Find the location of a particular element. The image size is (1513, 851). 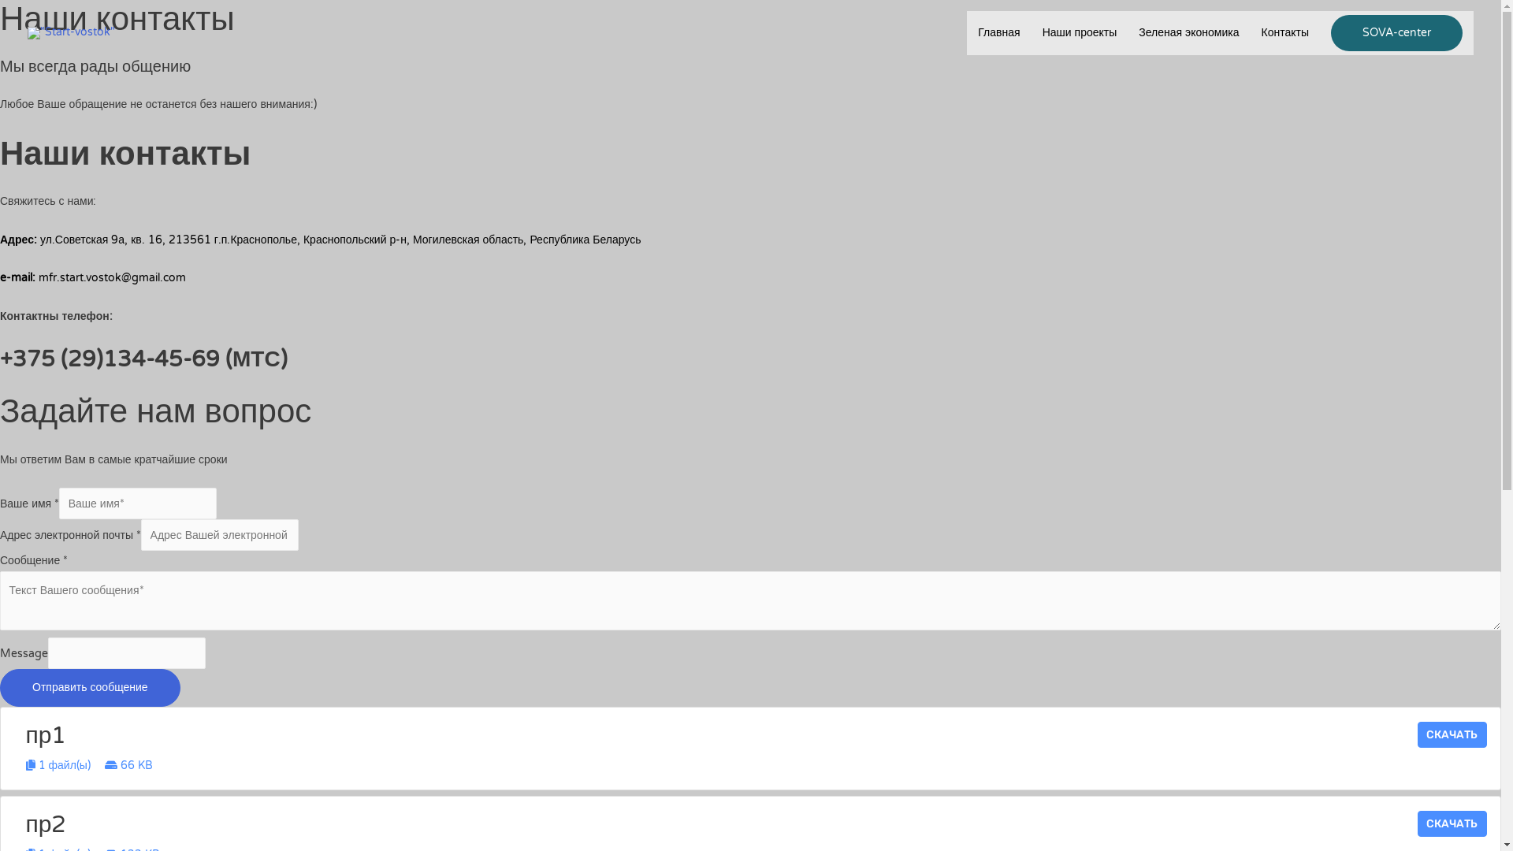

'SOVA-center' is located at coordinates (1396, 33).